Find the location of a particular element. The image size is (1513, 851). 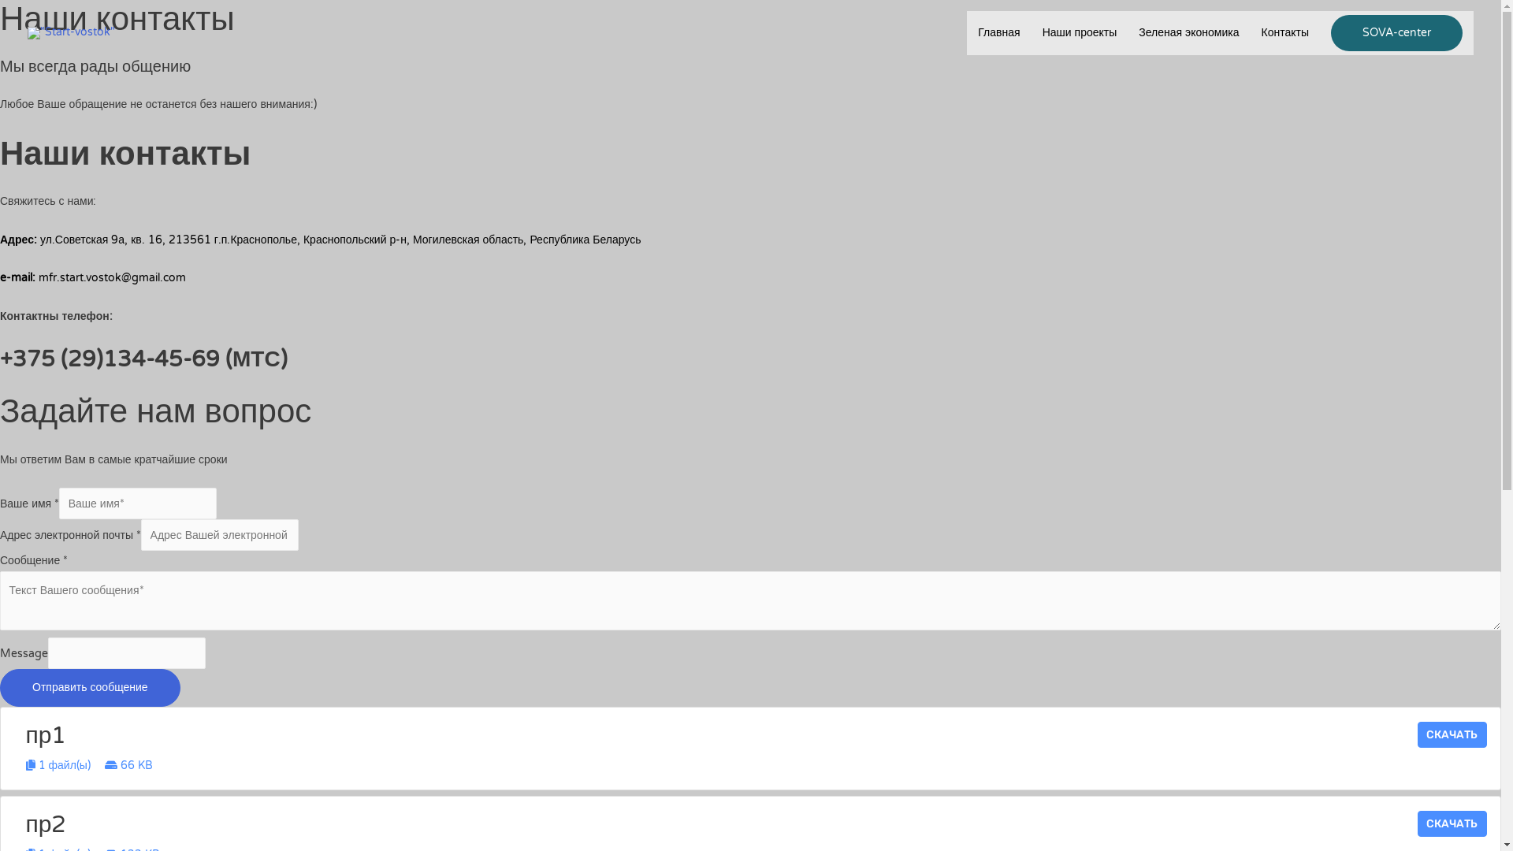

'SOVA-center' is located at coordinates (1396, 33).